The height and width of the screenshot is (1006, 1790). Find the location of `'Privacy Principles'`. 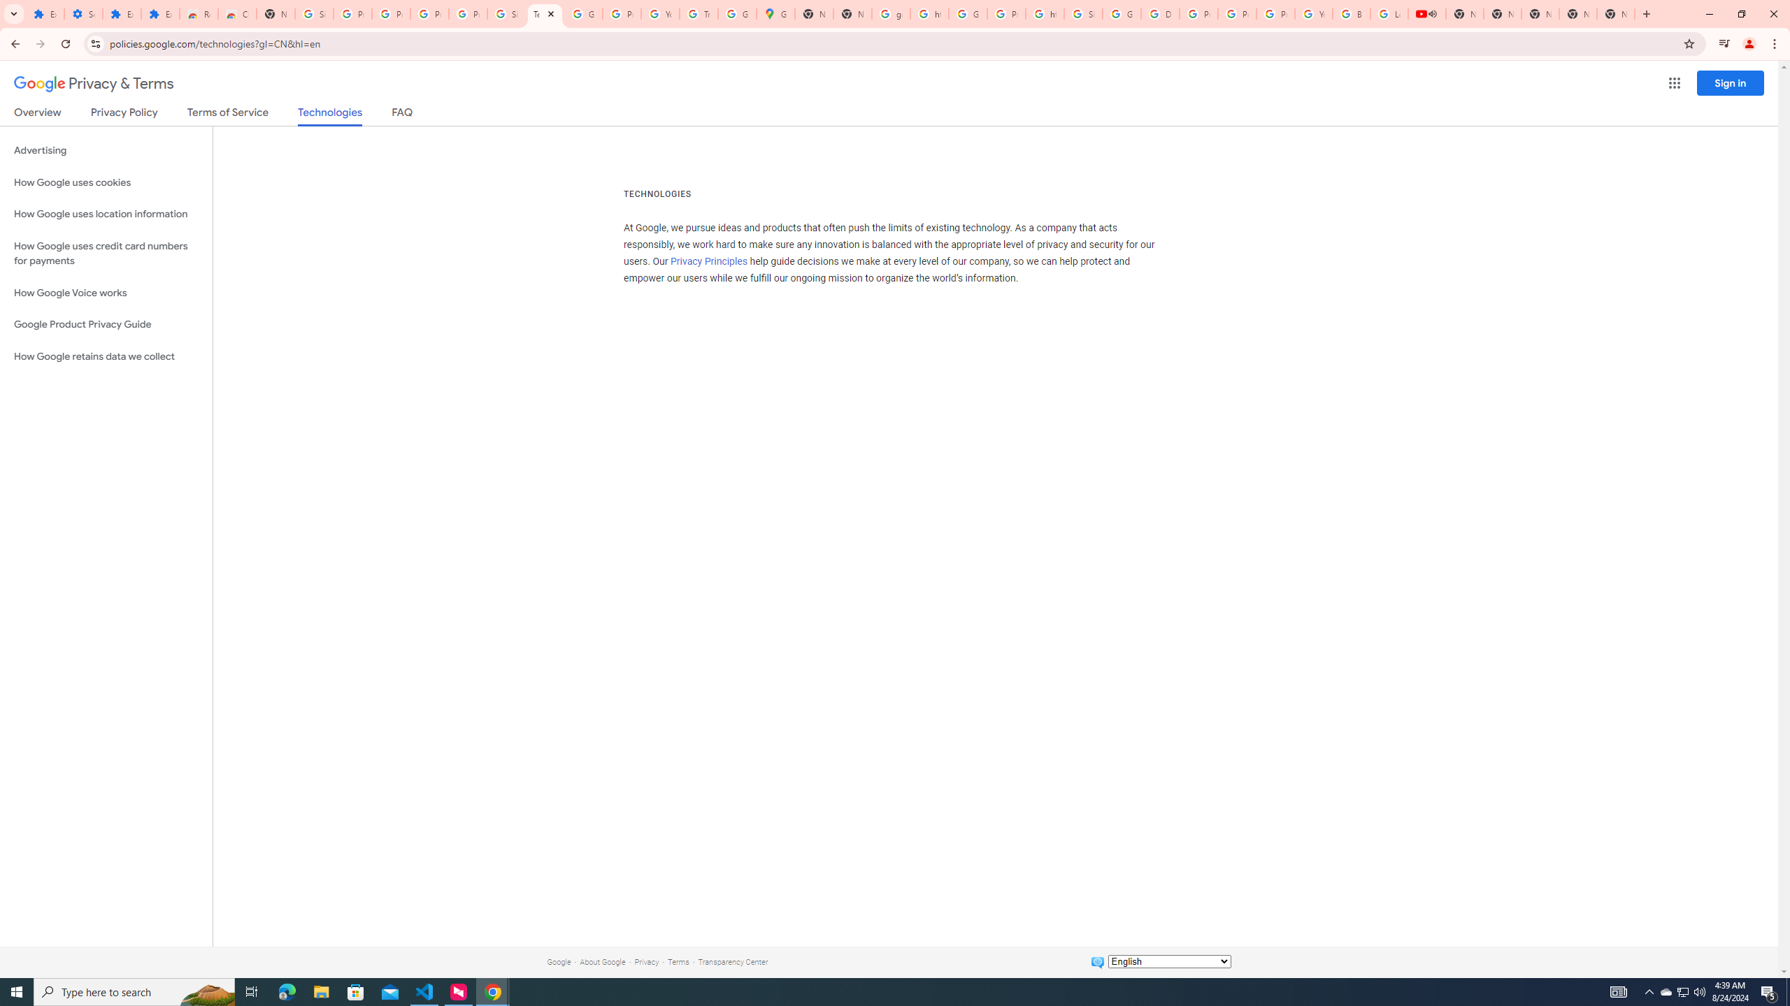

'Privacy Principles' is located at coordinates (710, 262).